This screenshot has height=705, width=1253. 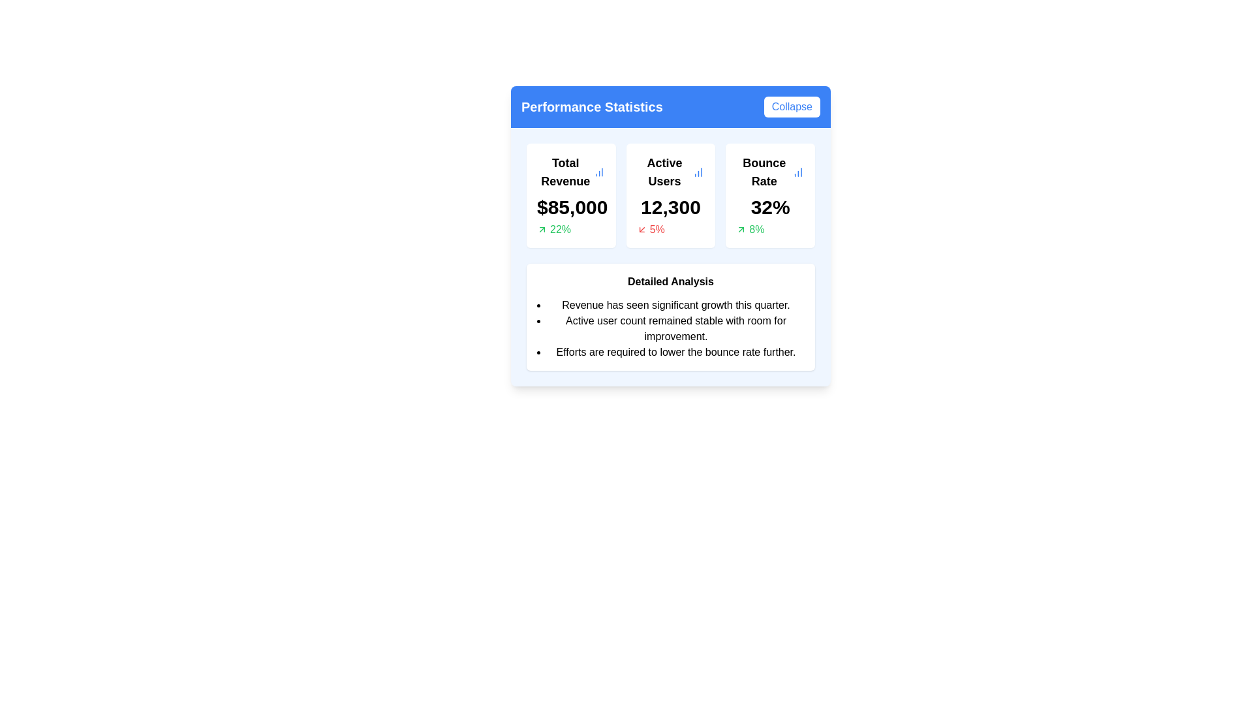 What do you see at coordinates (670, 171) in the screenshot?
I see `the header element displaying 'Active Users', which is styled in bold and larger font, located in the middle column of a statistical card` at bounding box center [670, 171].